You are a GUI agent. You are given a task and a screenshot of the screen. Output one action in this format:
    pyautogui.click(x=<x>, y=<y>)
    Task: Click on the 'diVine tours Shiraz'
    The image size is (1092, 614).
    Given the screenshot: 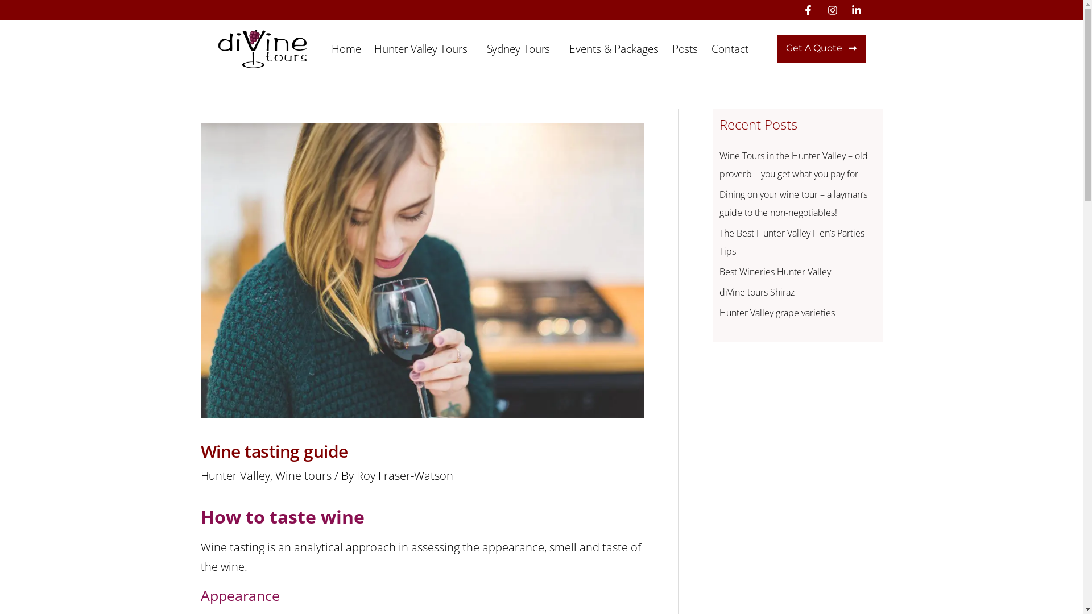 What is the action you would take?
    pyautogui.click(x=718, y=291)
    